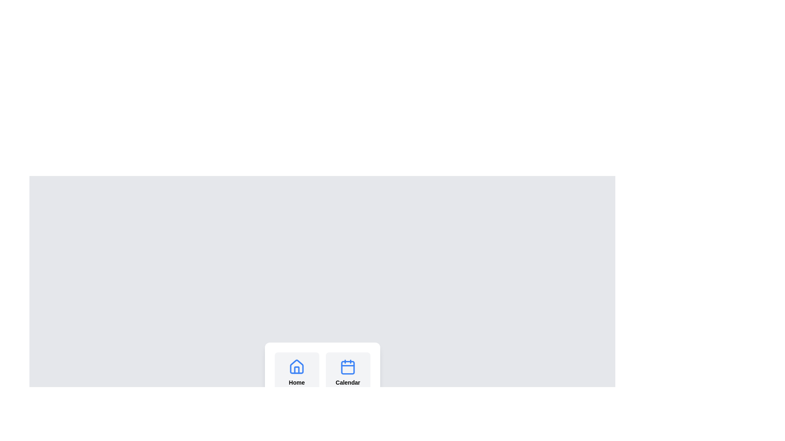  I want to click on the 'Home' icon, so click(296, 366).